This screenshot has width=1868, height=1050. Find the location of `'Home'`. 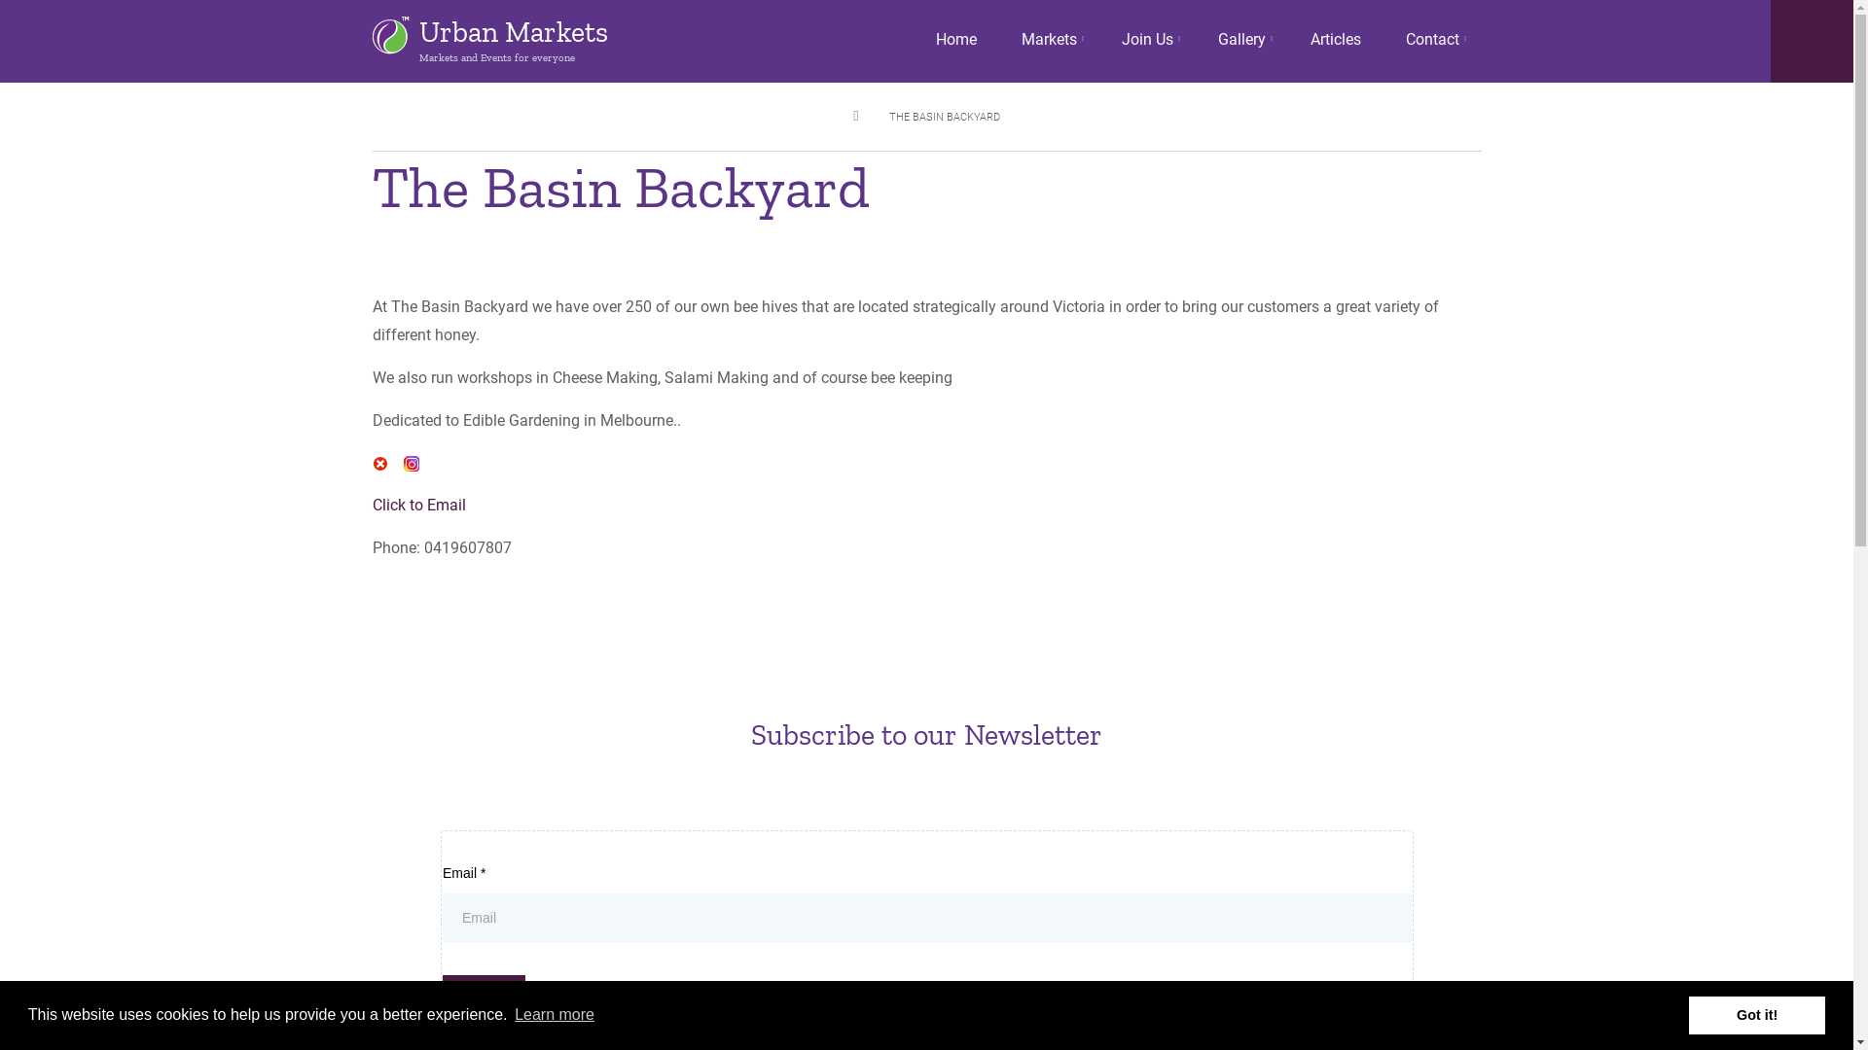

'Home' is located at coordinates (955, 40).